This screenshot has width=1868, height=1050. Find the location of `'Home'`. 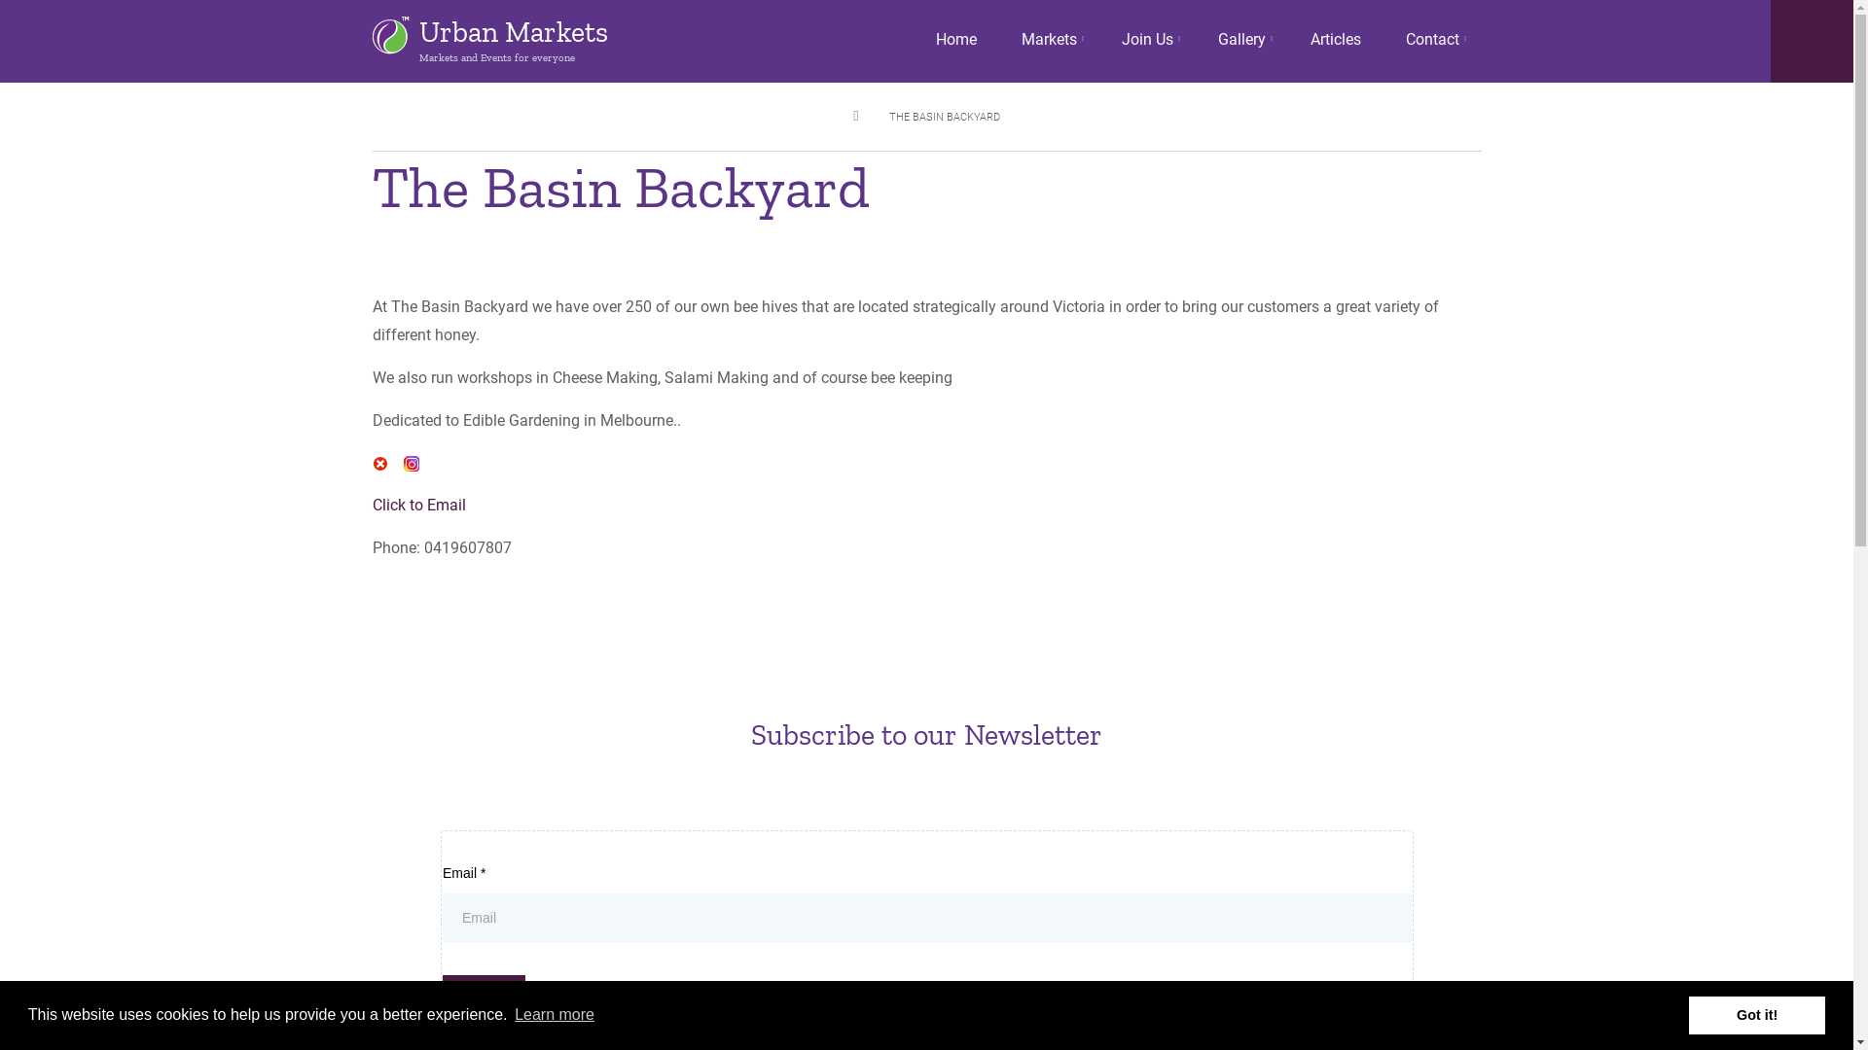

'Home' is located at coordinates (955, 40).